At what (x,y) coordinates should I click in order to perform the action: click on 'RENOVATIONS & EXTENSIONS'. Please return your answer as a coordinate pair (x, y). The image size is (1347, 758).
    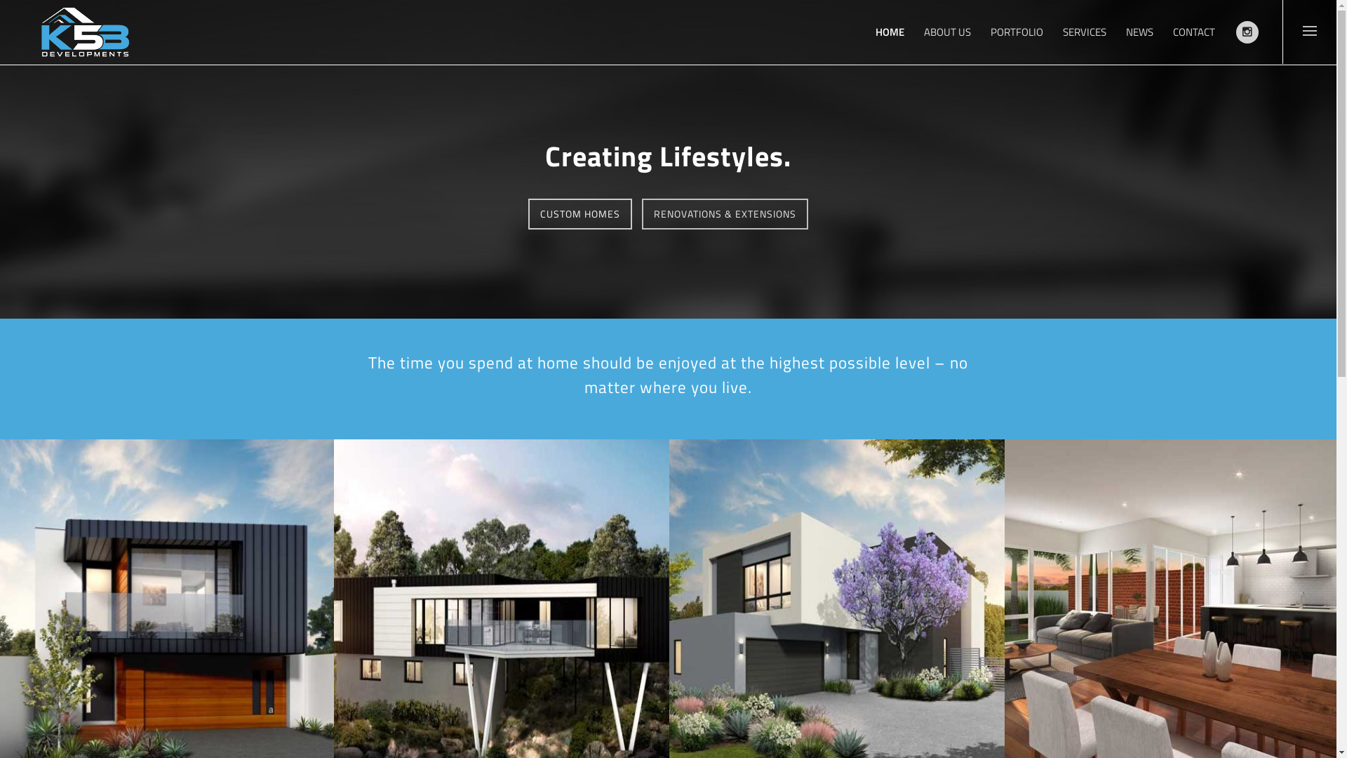
    Looking at the image, I should click on (725, 213).